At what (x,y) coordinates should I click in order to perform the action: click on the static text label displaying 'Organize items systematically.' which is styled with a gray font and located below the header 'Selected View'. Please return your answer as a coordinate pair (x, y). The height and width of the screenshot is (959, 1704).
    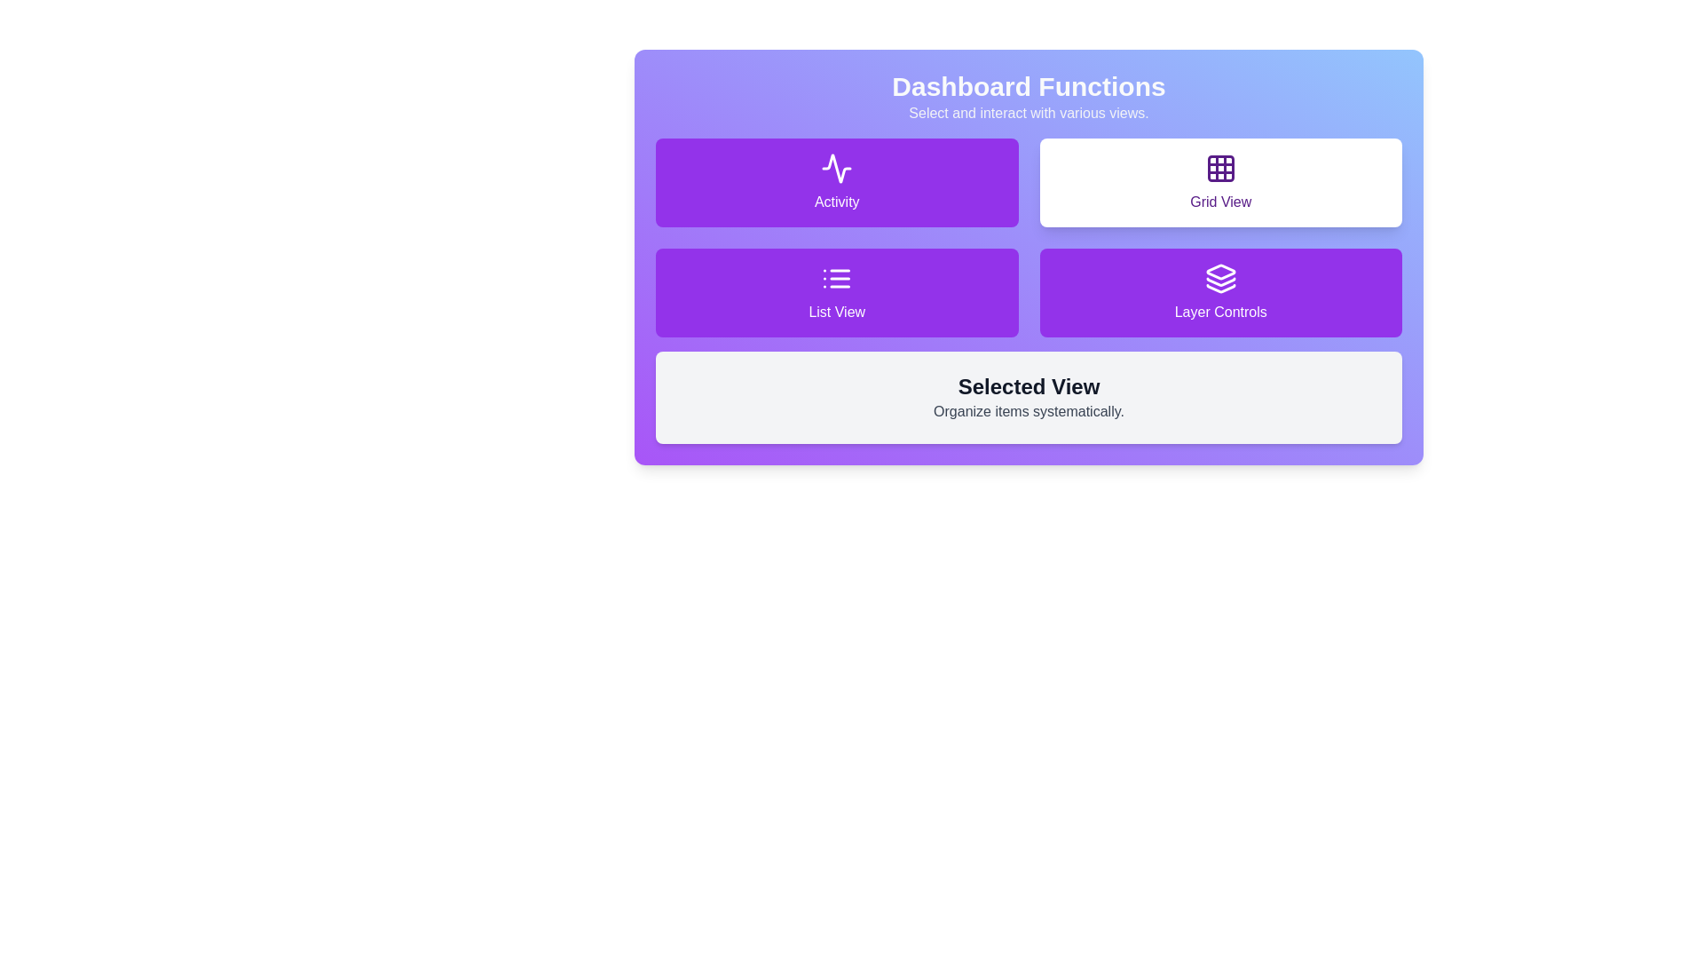
    Looking at the image, I should click on (1029, 411).